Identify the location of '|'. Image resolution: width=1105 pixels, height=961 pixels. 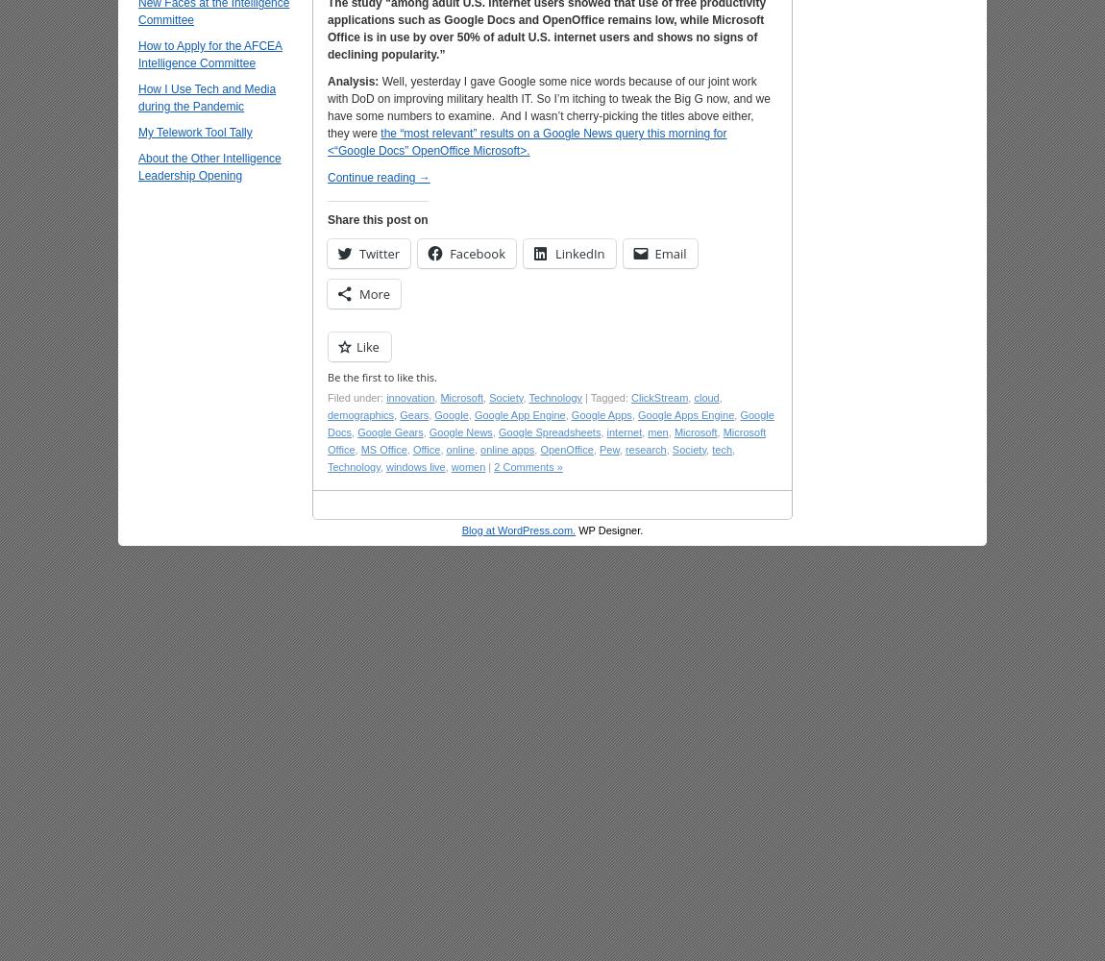
(489, 465).